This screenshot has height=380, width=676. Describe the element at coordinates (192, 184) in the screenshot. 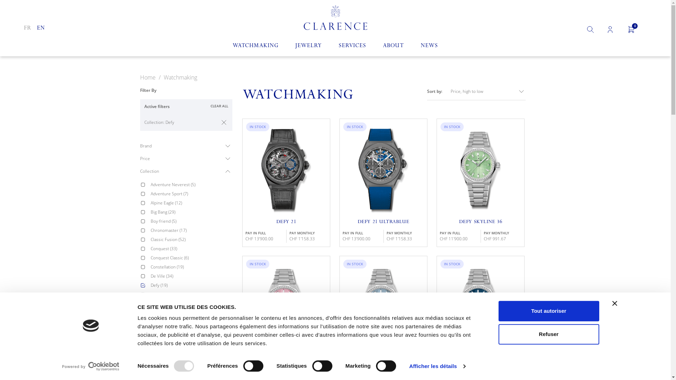

I see `'Adventure Neverest (5)'` at that location.